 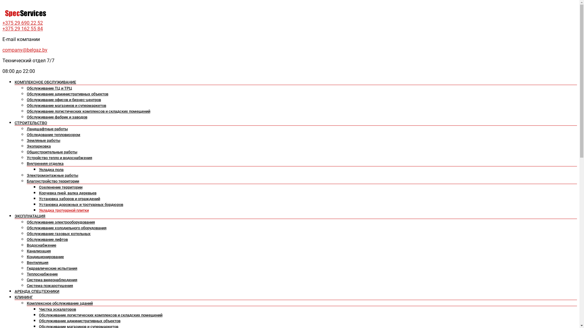 What do you see at coordinates (24, 50) in the screenshot?
I see `'company@belgaz.by'` at bounding box center [24, 50].